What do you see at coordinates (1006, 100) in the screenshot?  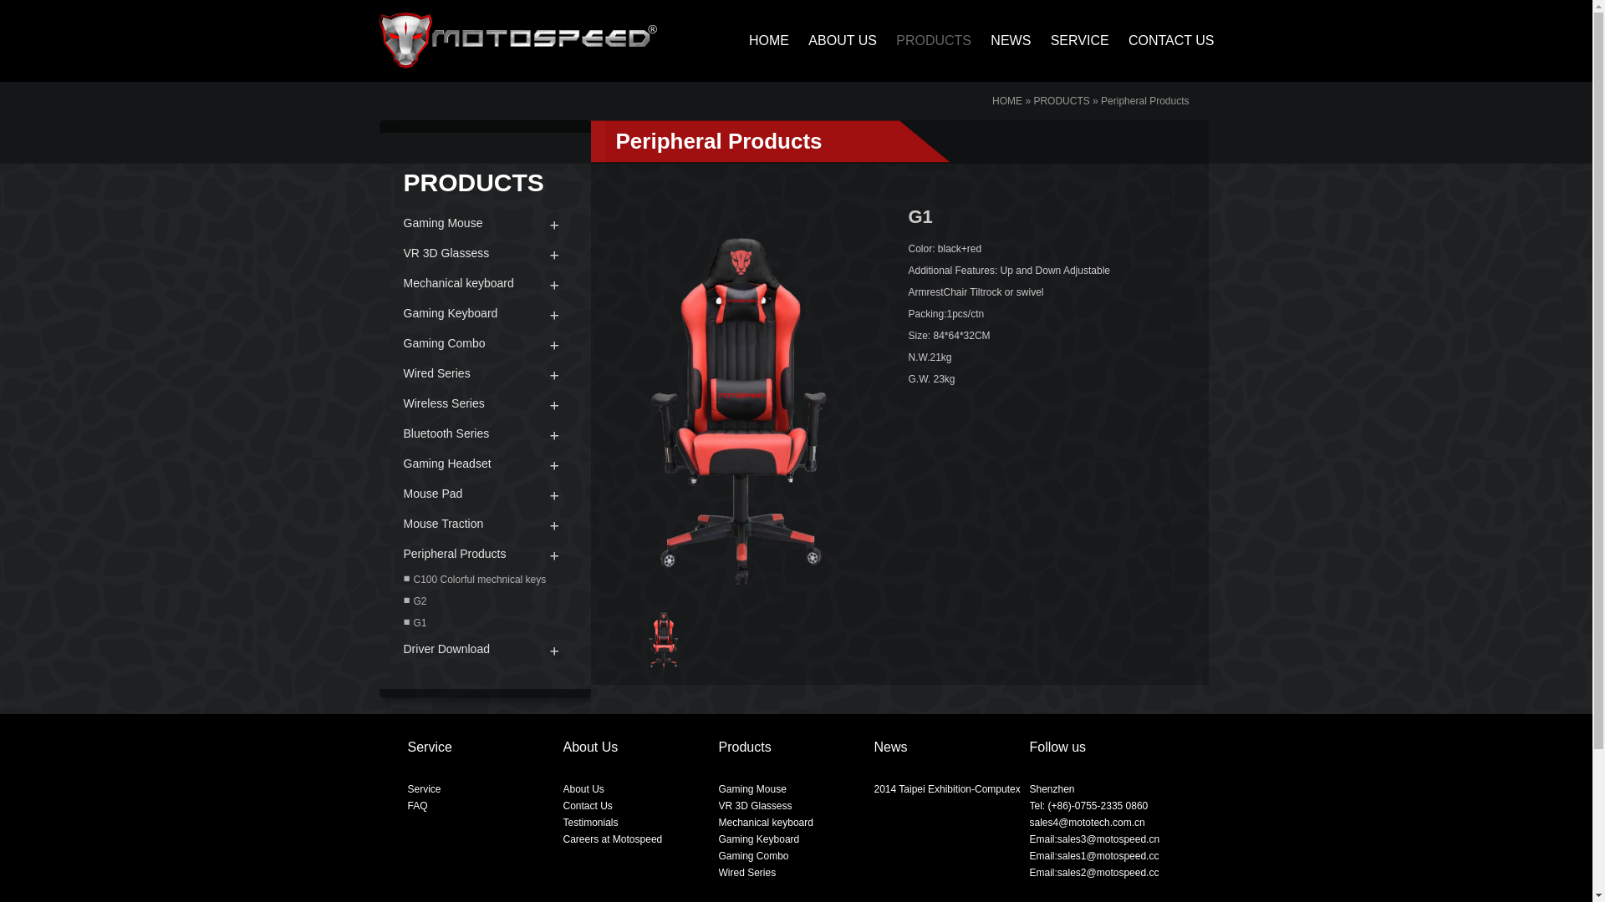 I see `'HOME'` at bounding box center [1006, 100].